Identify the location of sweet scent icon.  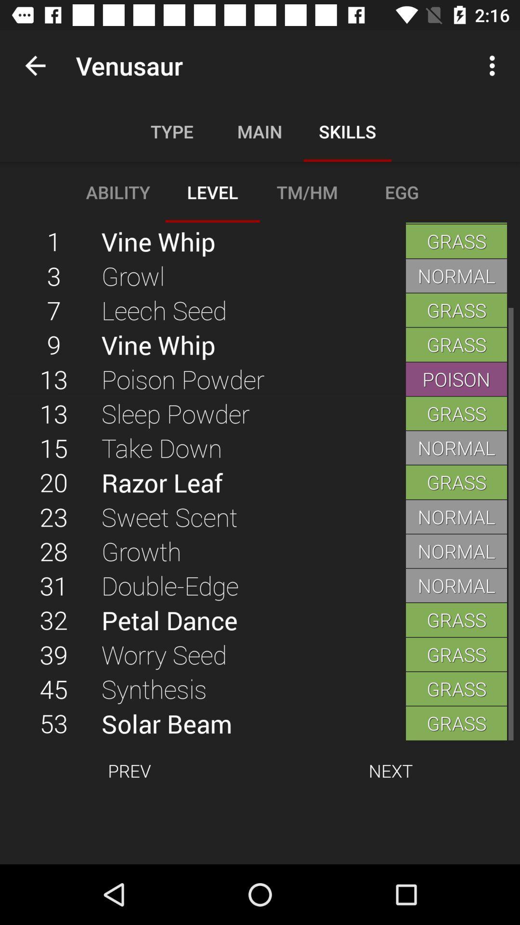
(253, 516).